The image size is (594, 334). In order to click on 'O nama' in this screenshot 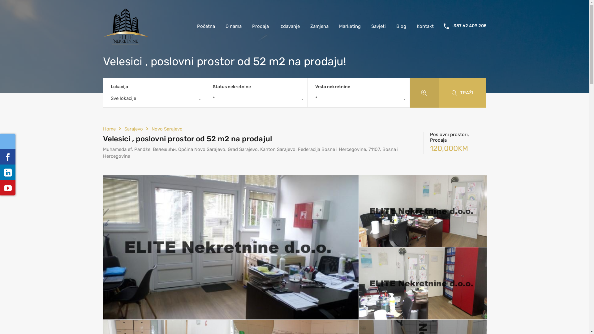, I will do `click(233, 26)`.